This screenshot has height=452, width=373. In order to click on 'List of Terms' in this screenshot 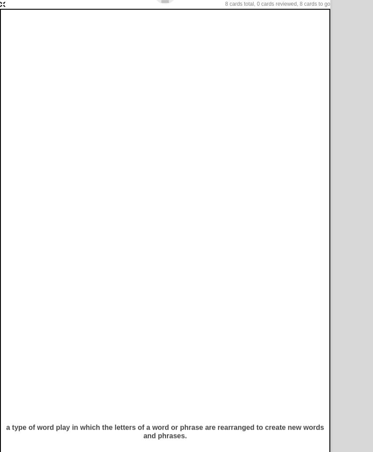, I will do `click(28, 175)`.